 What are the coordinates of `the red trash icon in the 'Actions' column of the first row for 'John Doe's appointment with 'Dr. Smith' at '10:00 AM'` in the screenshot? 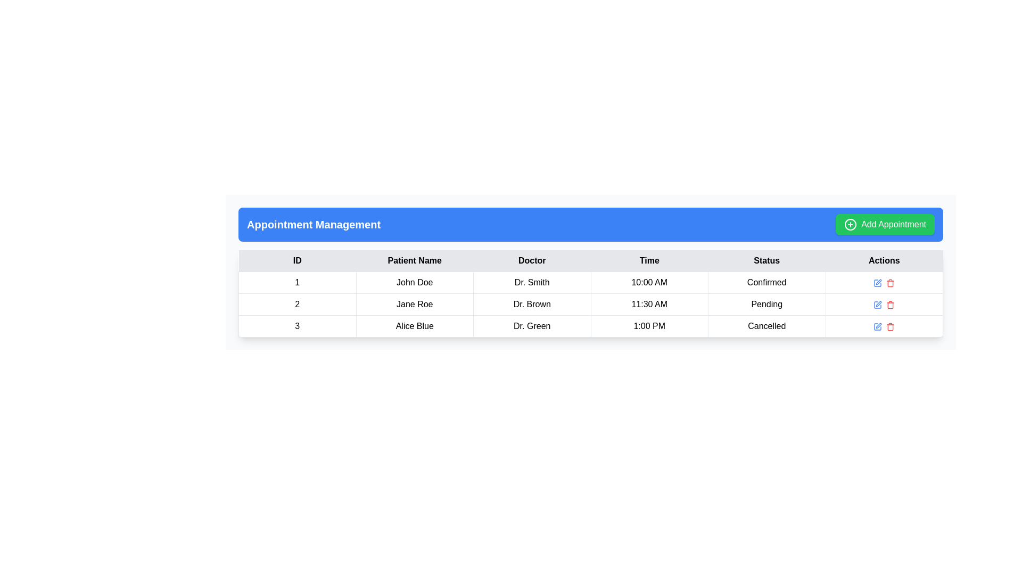 It's located at (884, 282).